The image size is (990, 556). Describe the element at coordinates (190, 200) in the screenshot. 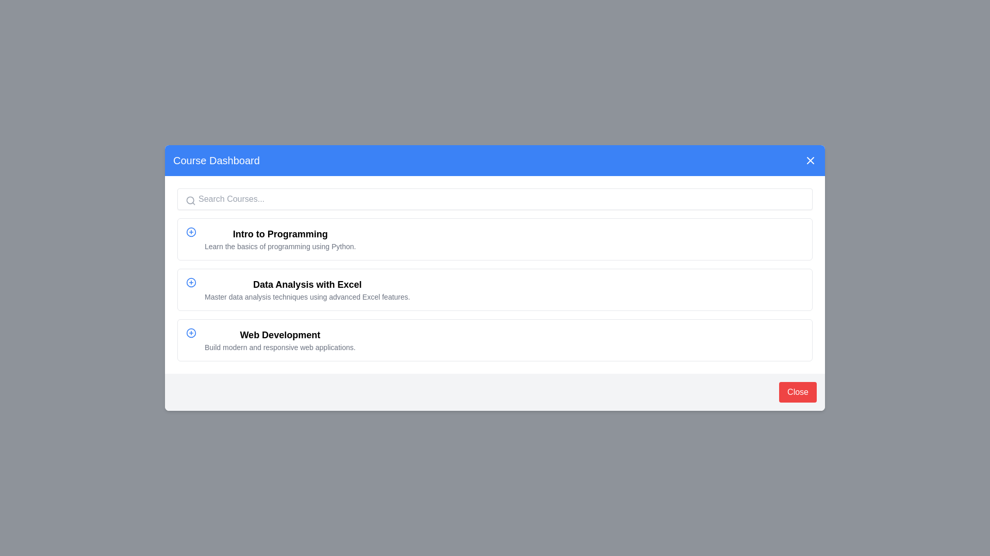

I see `the small circular magnifying glass icon with a gray outline located at the left inside the search bar, preceding the placeholder text 'Search Courses...'` at that location.